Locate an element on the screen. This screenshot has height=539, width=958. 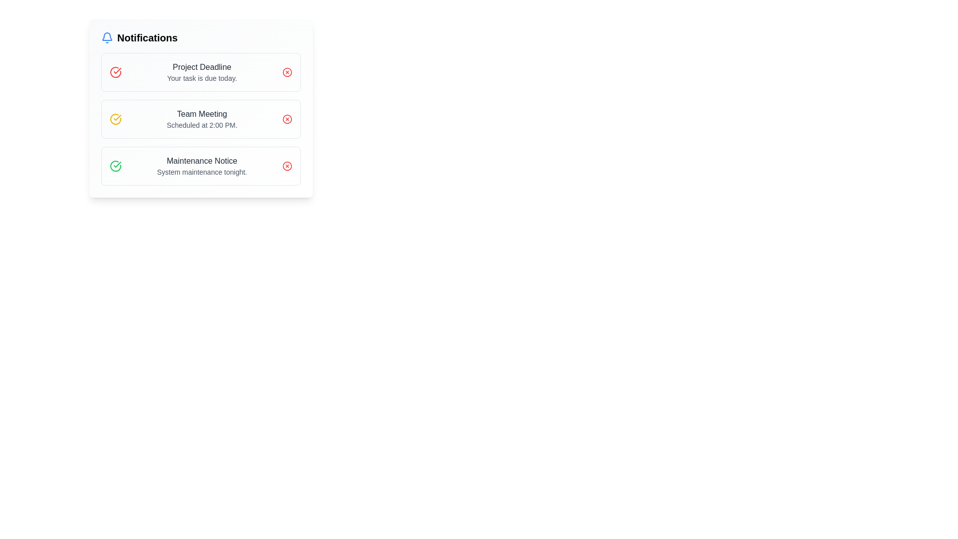
the title Text Label within the notification panel that highlights the subject of the notification, located at the top left and above the description text 'Your task is due today.' is located at coordinates (201, 67).